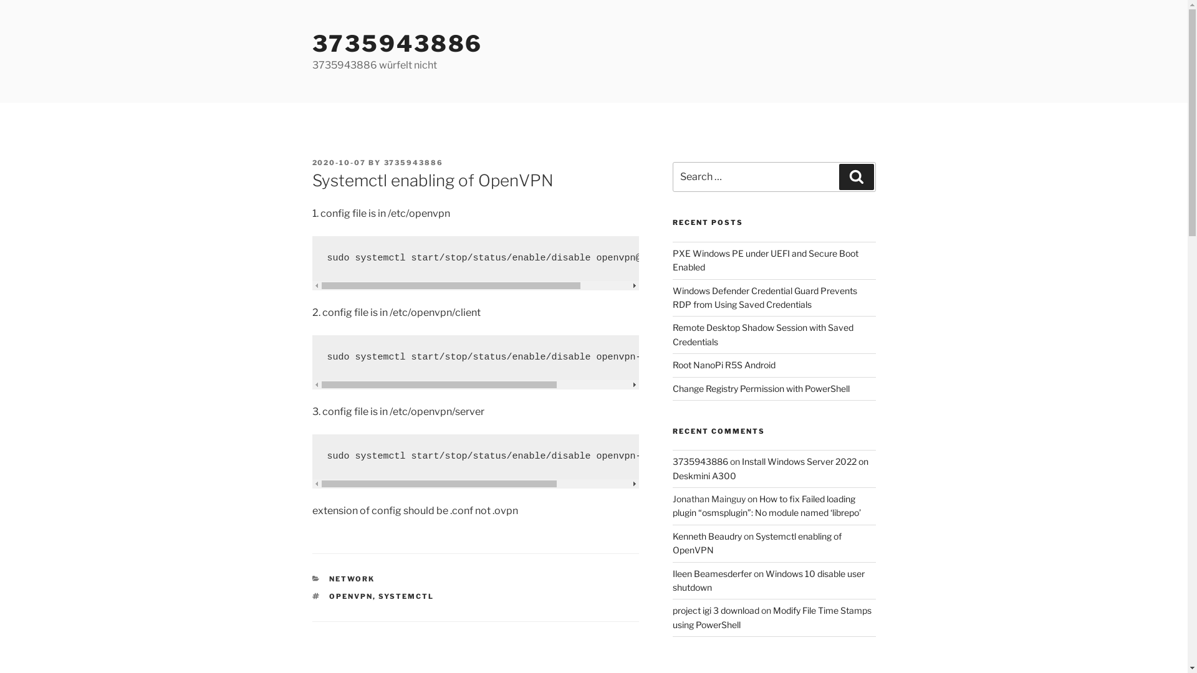  Describe the element at coordinates (771, 617) in the screenshot. I see `'Modify File Time Stamps using PowerShell'` at that location.